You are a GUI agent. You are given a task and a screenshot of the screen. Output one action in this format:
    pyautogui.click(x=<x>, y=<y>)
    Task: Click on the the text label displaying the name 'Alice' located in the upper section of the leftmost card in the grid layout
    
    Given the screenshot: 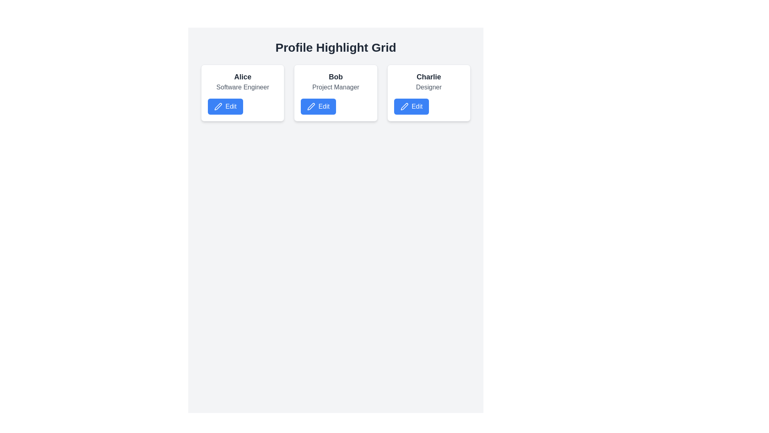 What is the action you would take?
    pyautogui.click(x=242, y=77)
    